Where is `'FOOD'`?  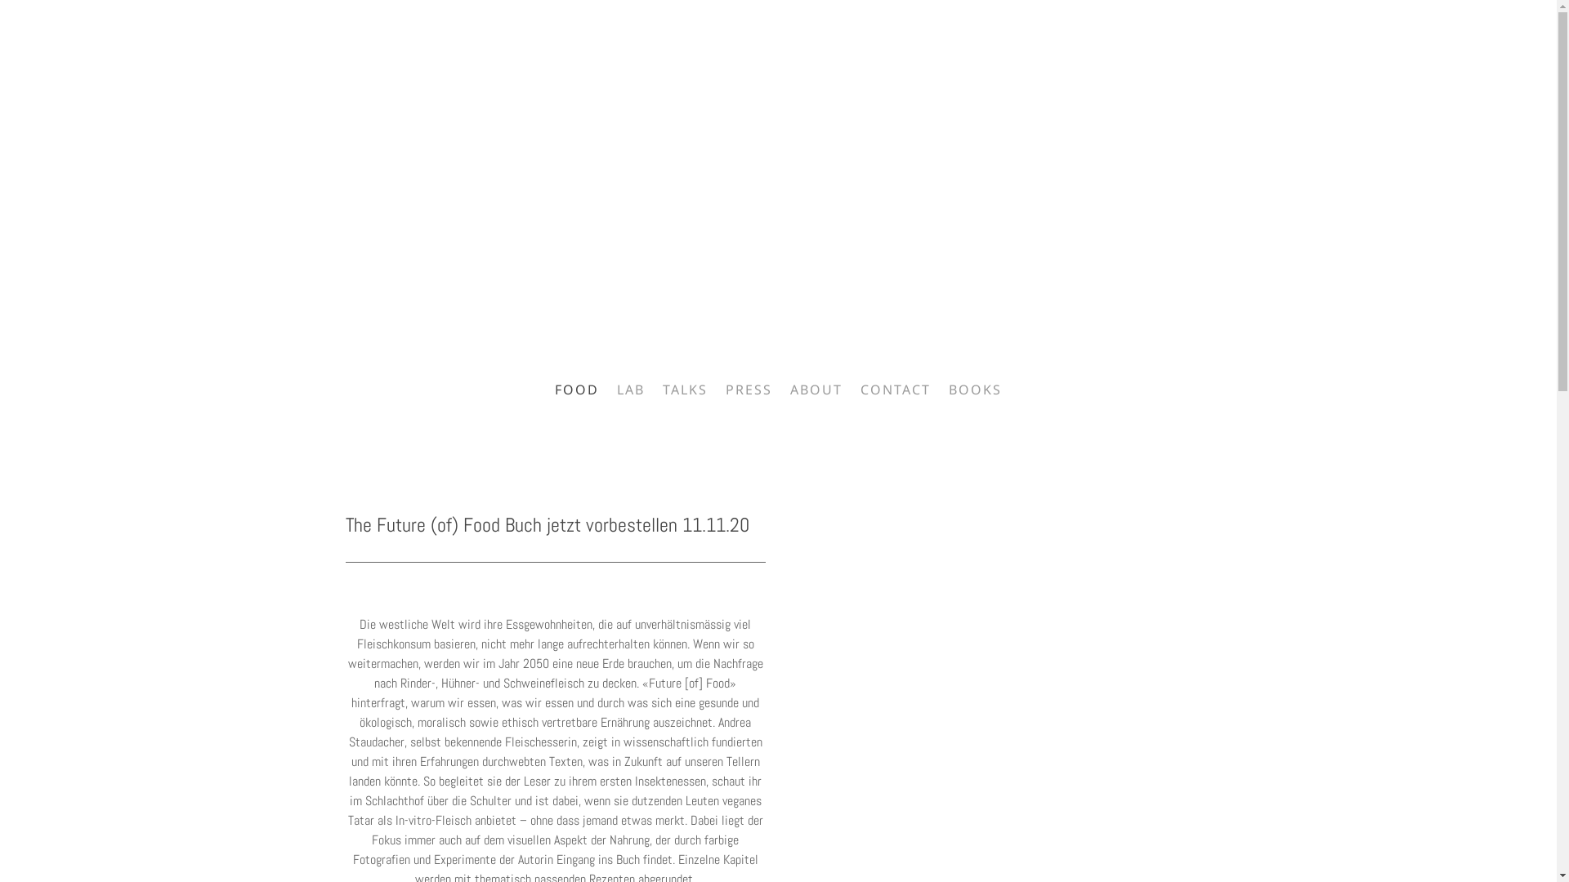
'FOOD' is located at coordinates (576, 390).